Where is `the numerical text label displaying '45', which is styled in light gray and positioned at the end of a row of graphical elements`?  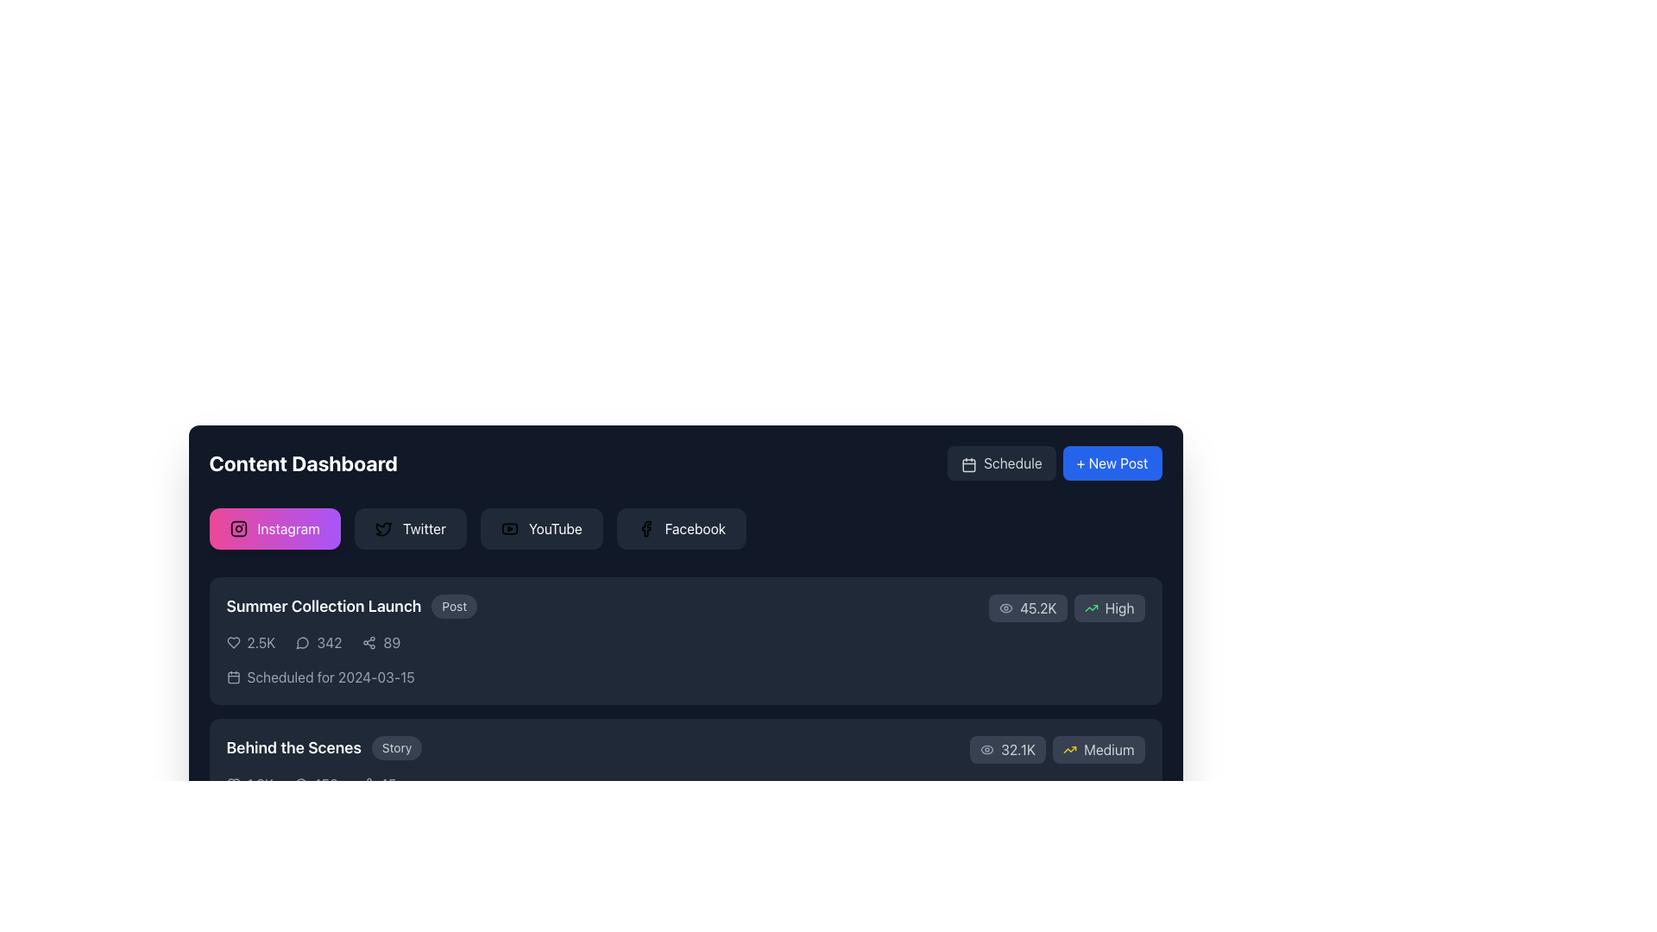 the numerical text label displaying '45', which is styled in light gray and positioned at the end of a row of graphical elements is located at coordinates (387, 784).